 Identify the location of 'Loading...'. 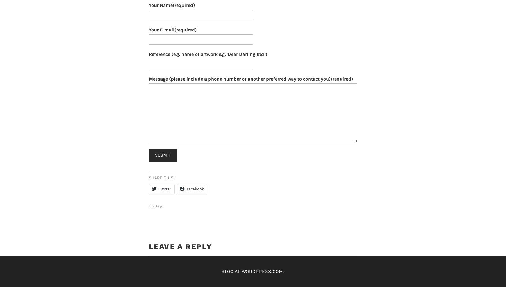
(156, 206).